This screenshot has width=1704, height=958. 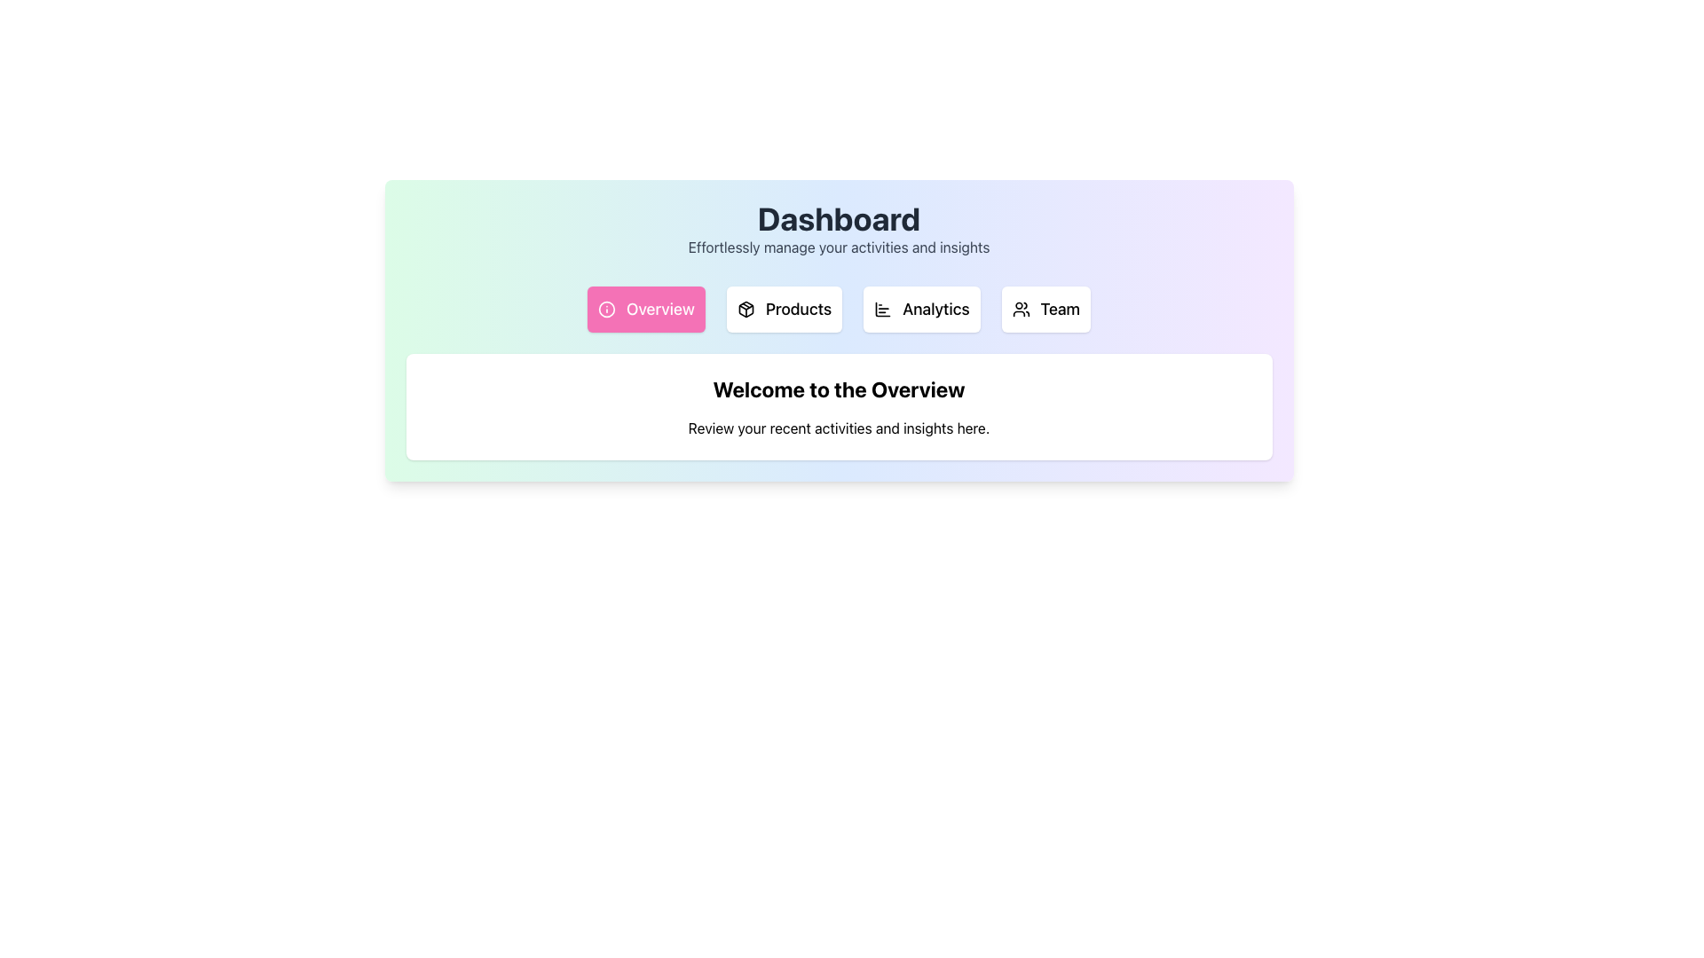 What do you see at coordinates (838, 247) in the screenshot?
I see `the descriptive Text Label located below the 'Dashboard' header in the dashboard interface` at bounding box center [838, 247].